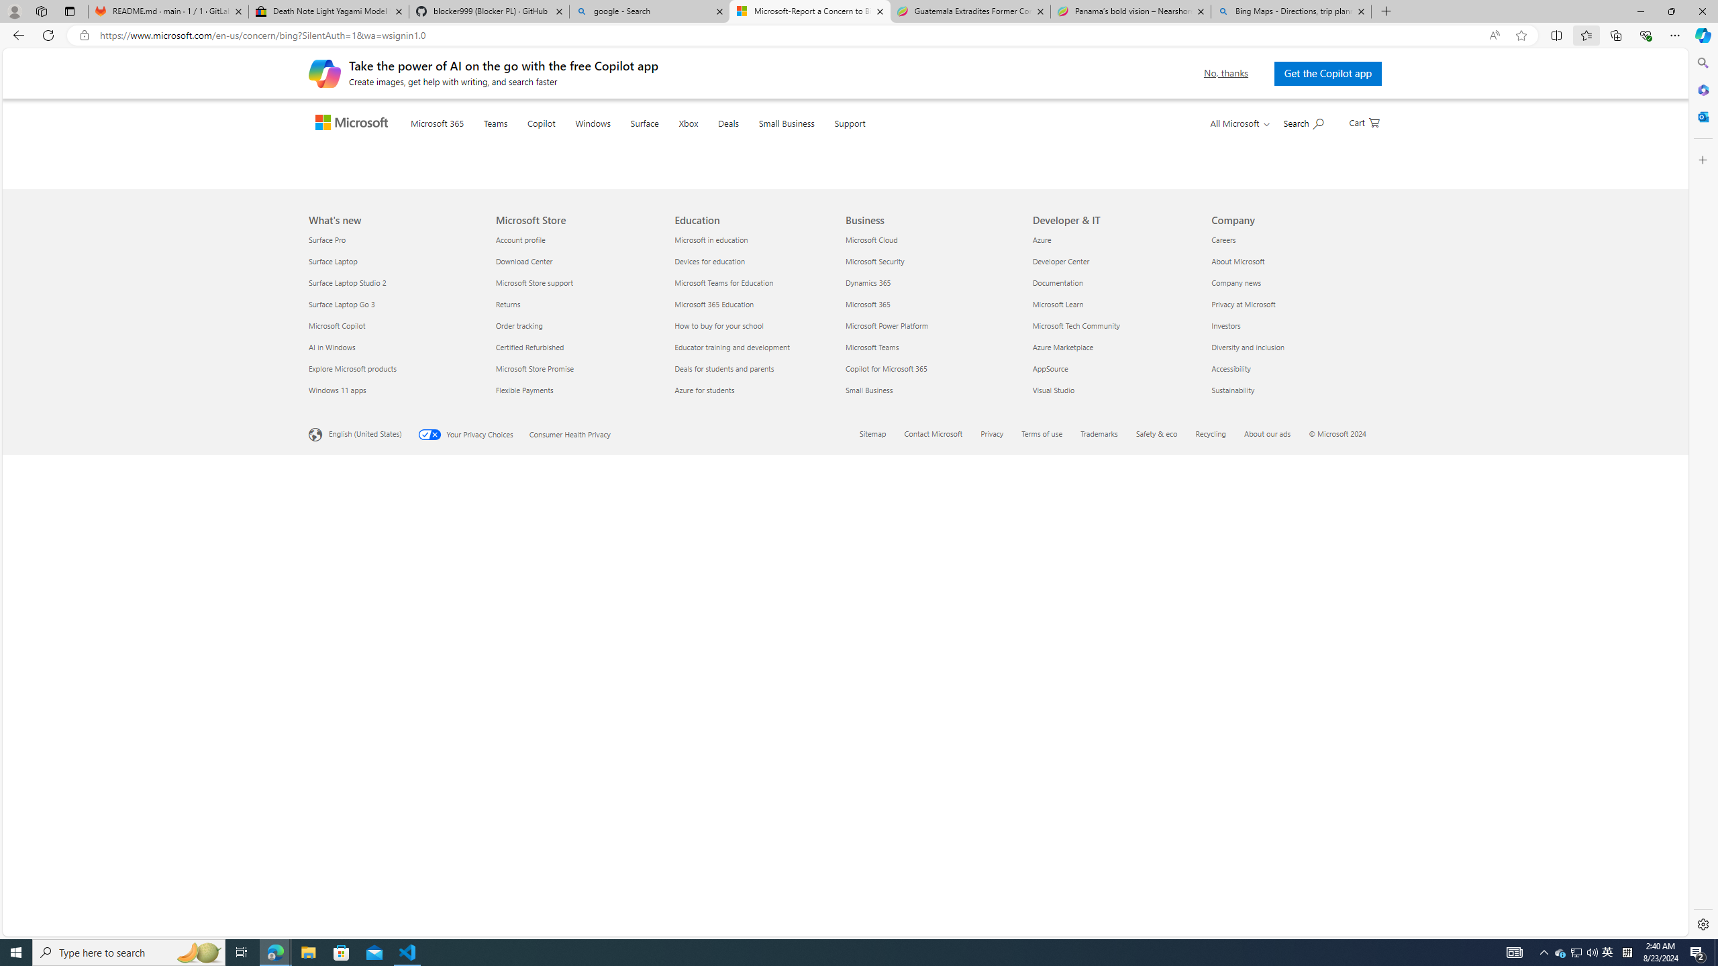 This screenshot has width=1718, height=966. What do you see at coordinates (522, 140) in the screenshot?
I see `'Teams'` at bounding box center [522, 140].